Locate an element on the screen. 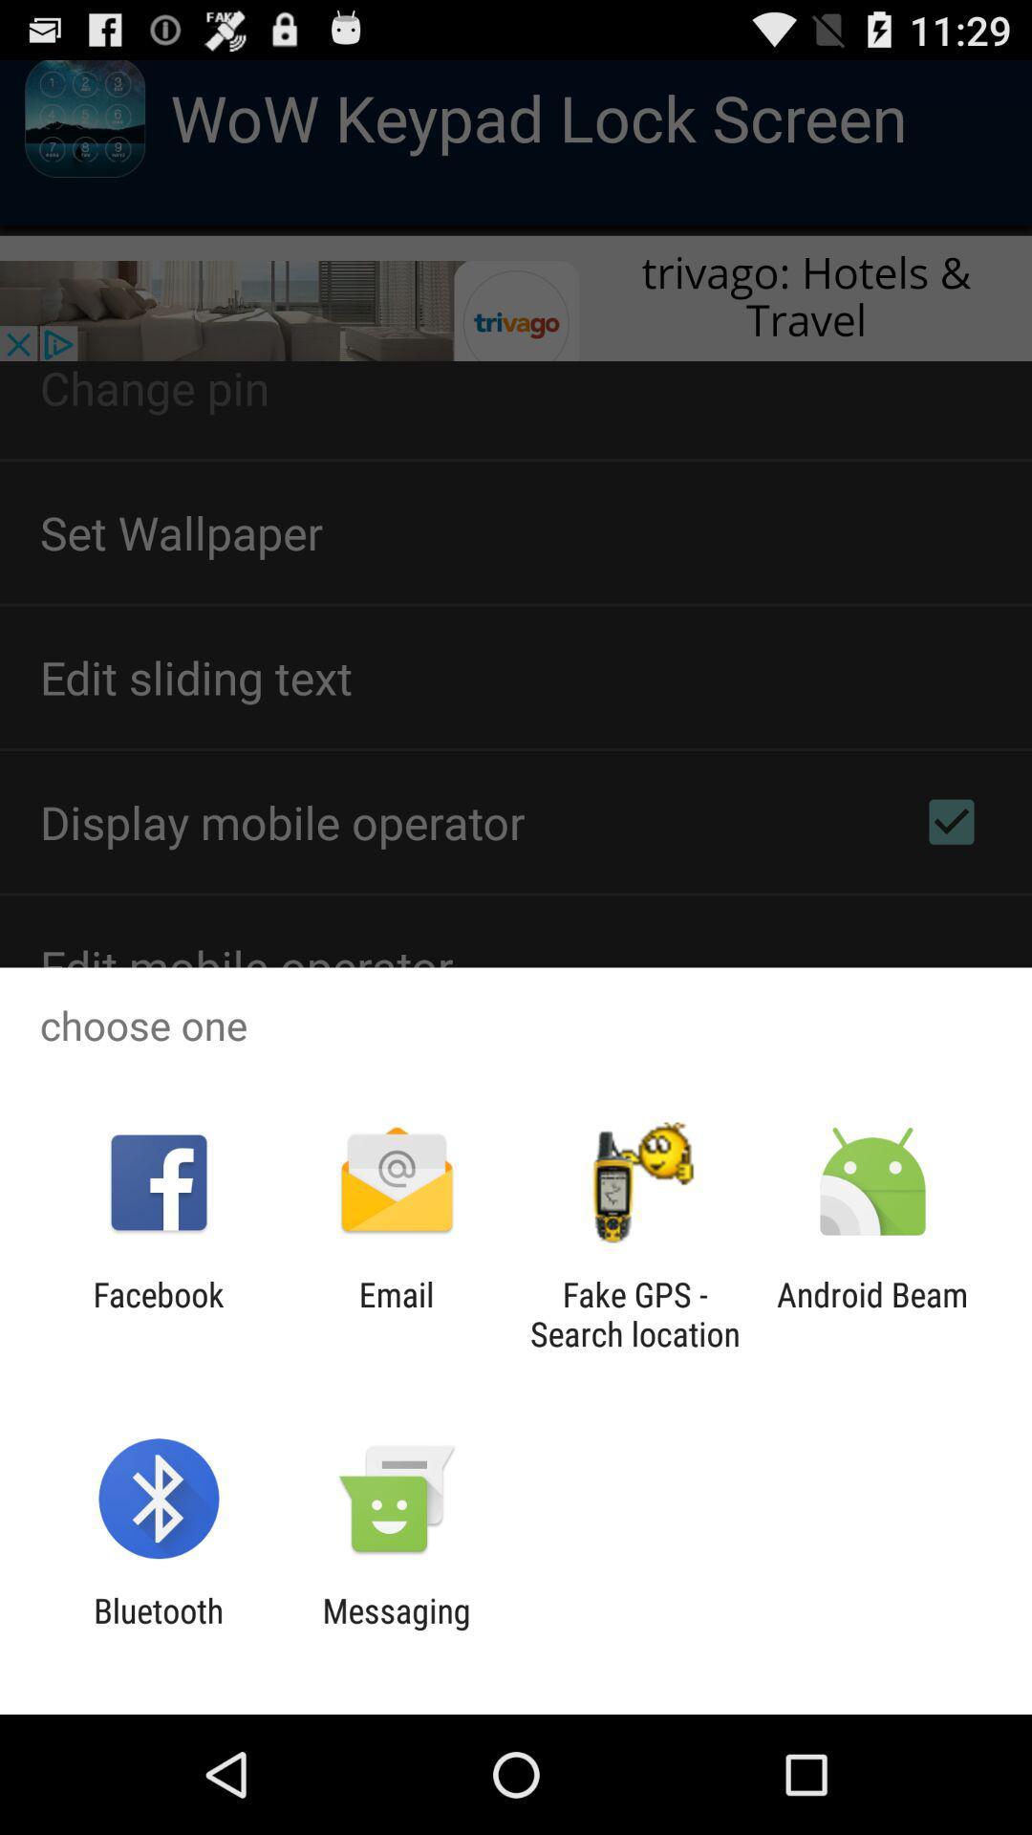  item next to bluetooth icon is located at coordinates (396, 1630).